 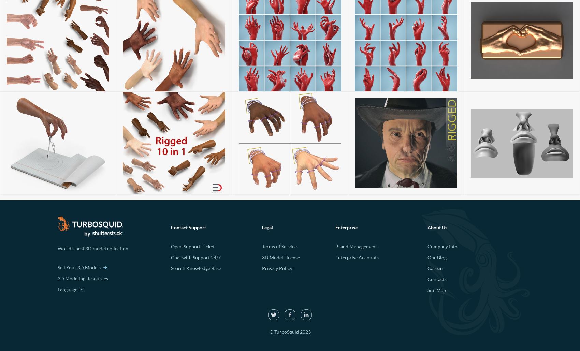 I want to click on 'Enterprise', so click(x=346, y=227).